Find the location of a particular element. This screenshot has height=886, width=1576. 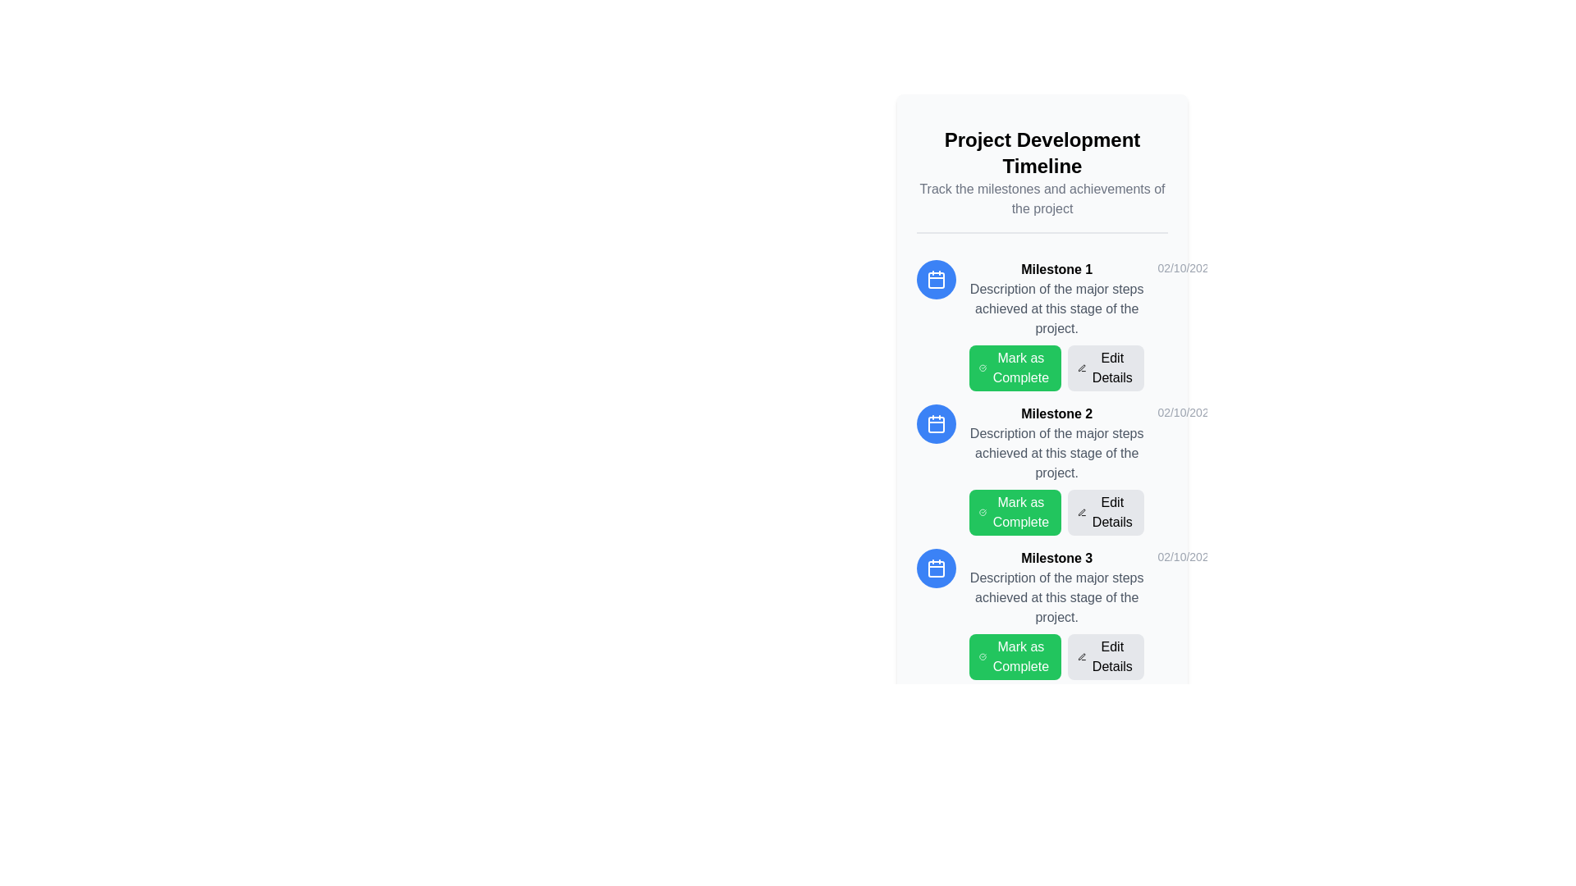

the date label for 'Milestone 3', which indicates the deadline or completion date associated with the milestone is located at coordinates (1186, 555).